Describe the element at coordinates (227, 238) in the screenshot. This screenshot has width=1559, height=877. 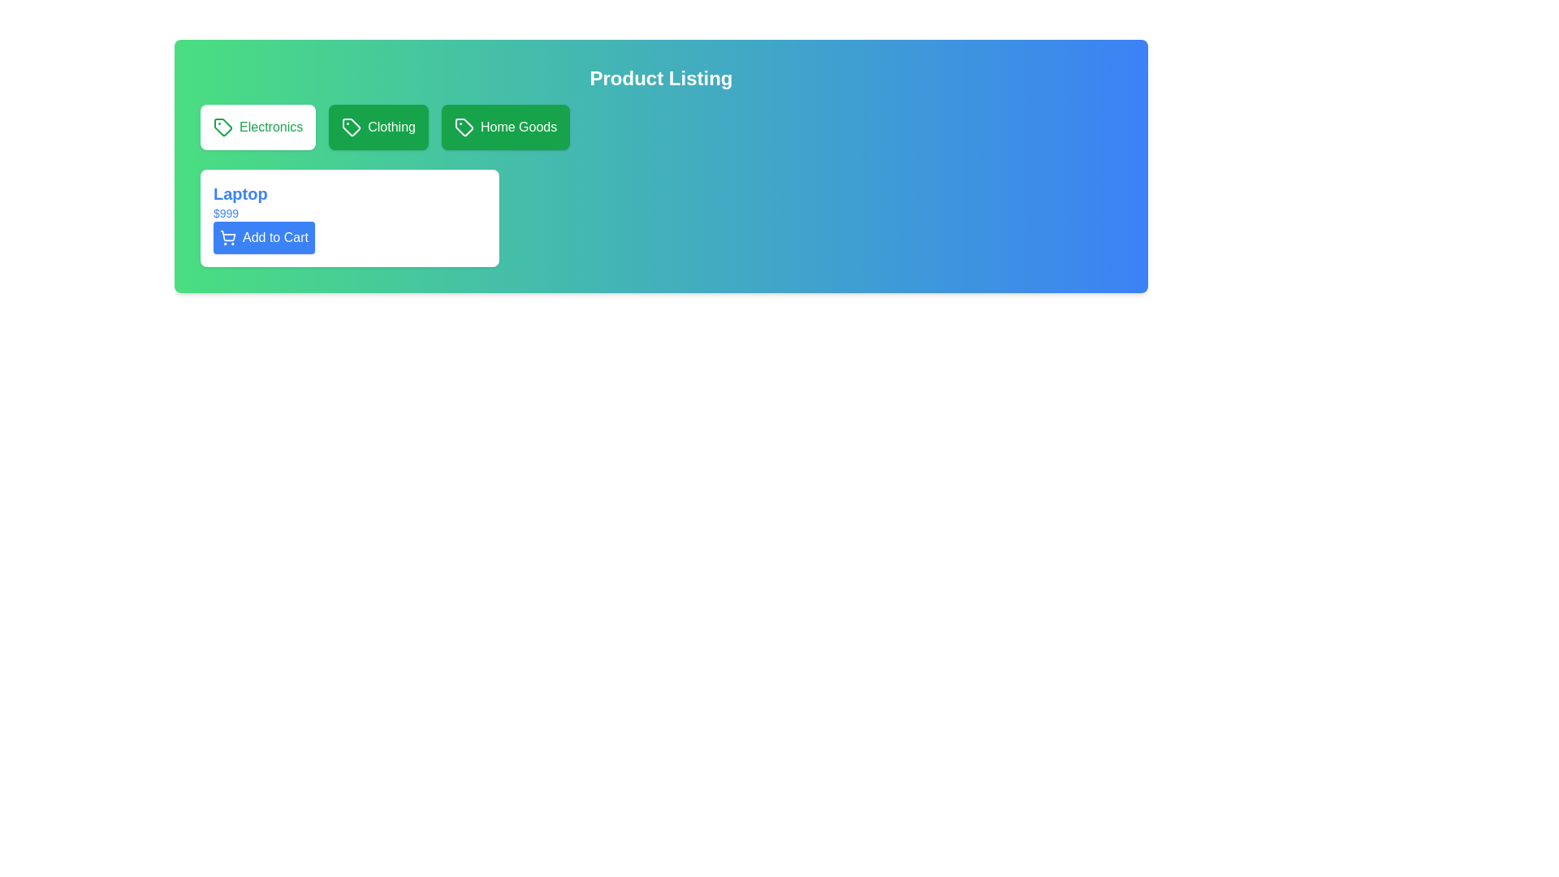
I see `the shopping cart icon located to the left of the 'Add to Cart' button, which is a minimalistic line drawing with circular wheels and a rectangular basket` at that location.